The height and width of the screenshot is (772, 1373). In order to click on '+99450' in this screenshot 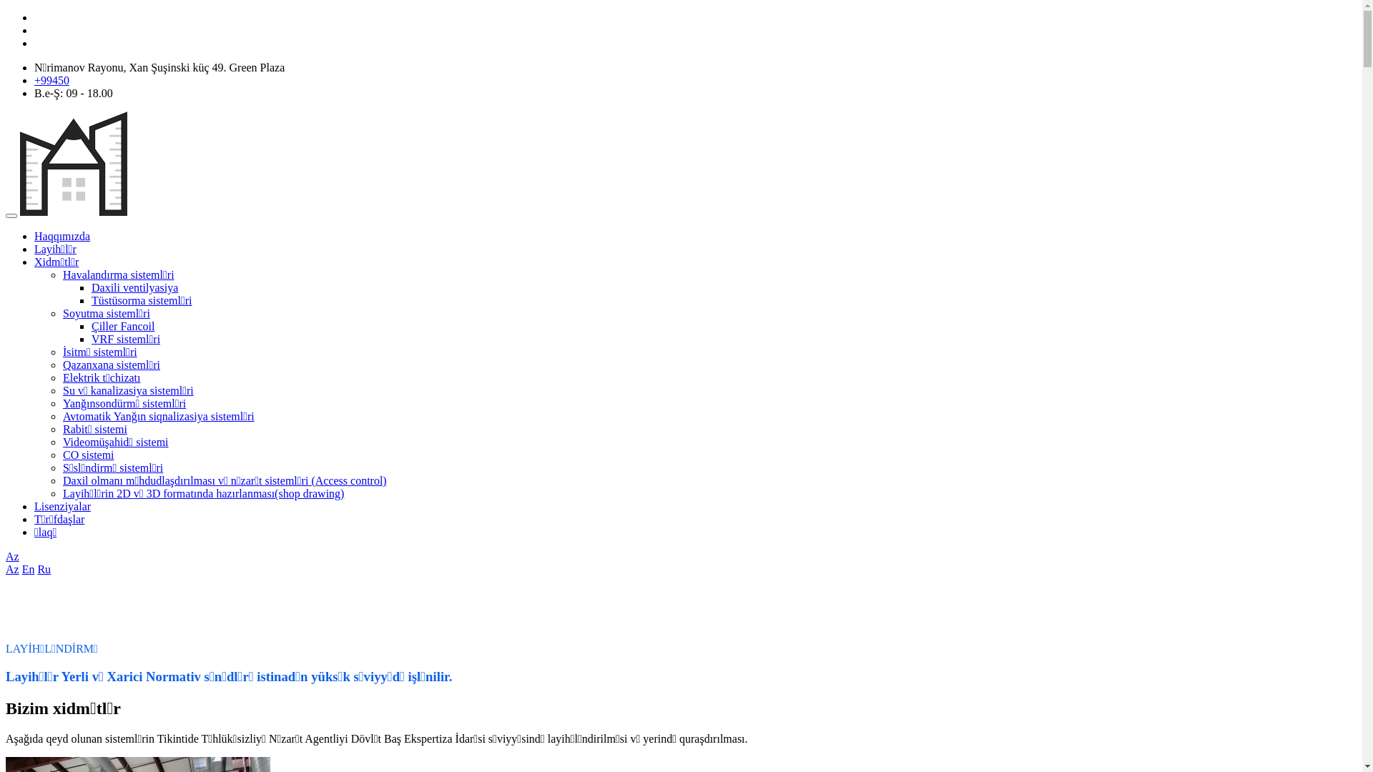, I will do `click(51, 80)`.